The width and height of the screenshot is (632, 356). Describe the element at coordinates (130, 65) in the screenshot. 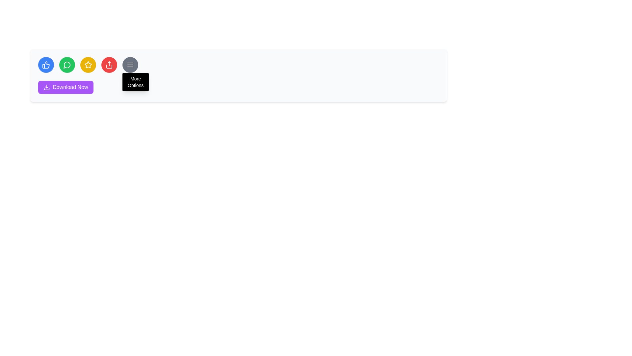

I see `the circular button with a grey background and three horizontal white lines icon` at that location.